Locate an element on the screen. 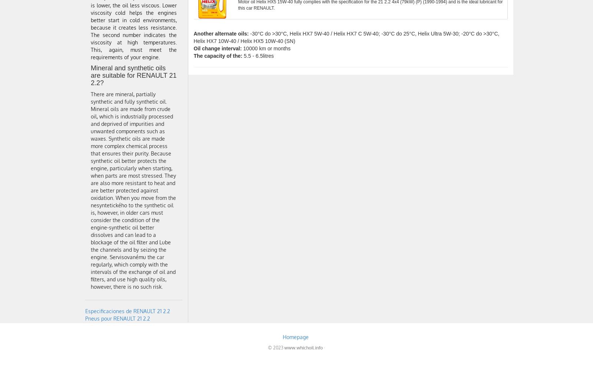  'Another alternate oils:' is located at coordinates (193, 34).